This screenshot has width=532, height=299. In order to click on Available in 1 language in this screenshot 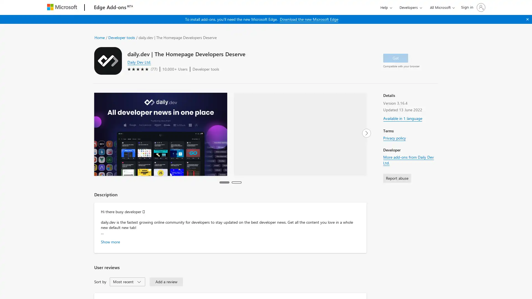, I will do `click(403, 117)`.